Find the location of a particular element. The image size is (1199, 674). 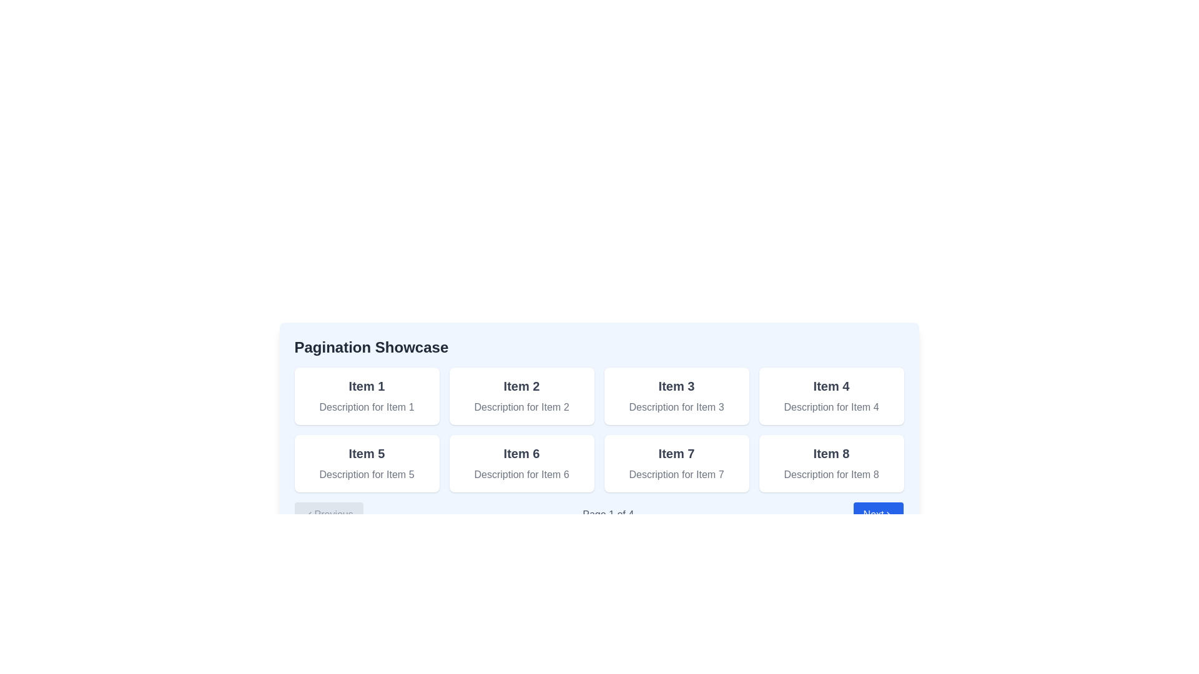

displayed text on the Information card for 'Item 4', which is located in the first row and fourth column of a grid layout is located at coordinates (831, 396).